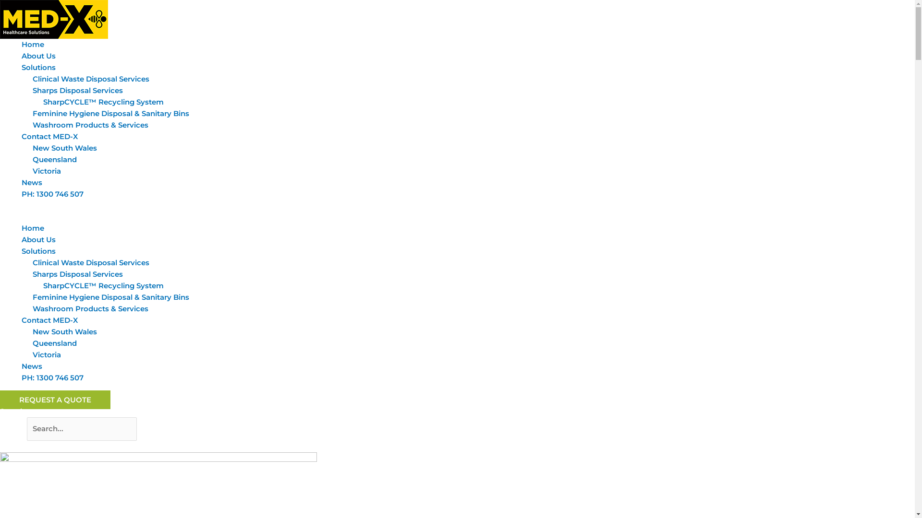 Image resolution: width=922 pixels, height=518 pixels. What do you see at coordinates (33, 228) in the screenshot?
I see `'Home'` at bounding box center [33, 228].